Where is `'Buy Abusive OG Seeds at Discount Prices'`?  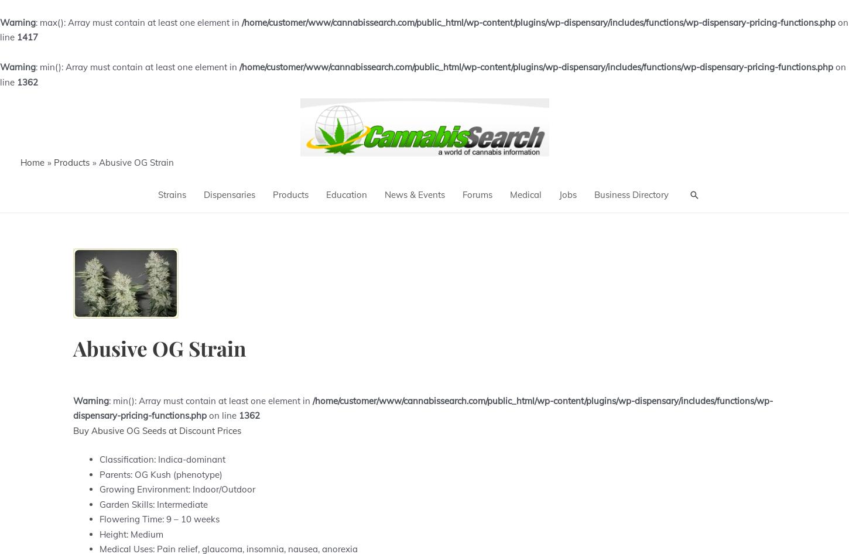 'Buy Abusive OG Seeds at Discount Prices' is located at coordinates (72, 429).